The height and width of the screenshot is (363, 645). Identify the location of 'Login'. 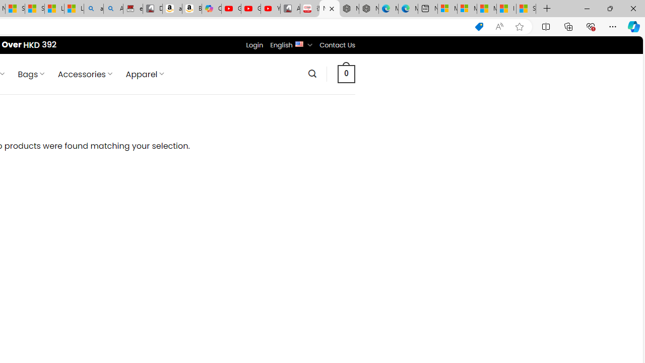
(254, 44).